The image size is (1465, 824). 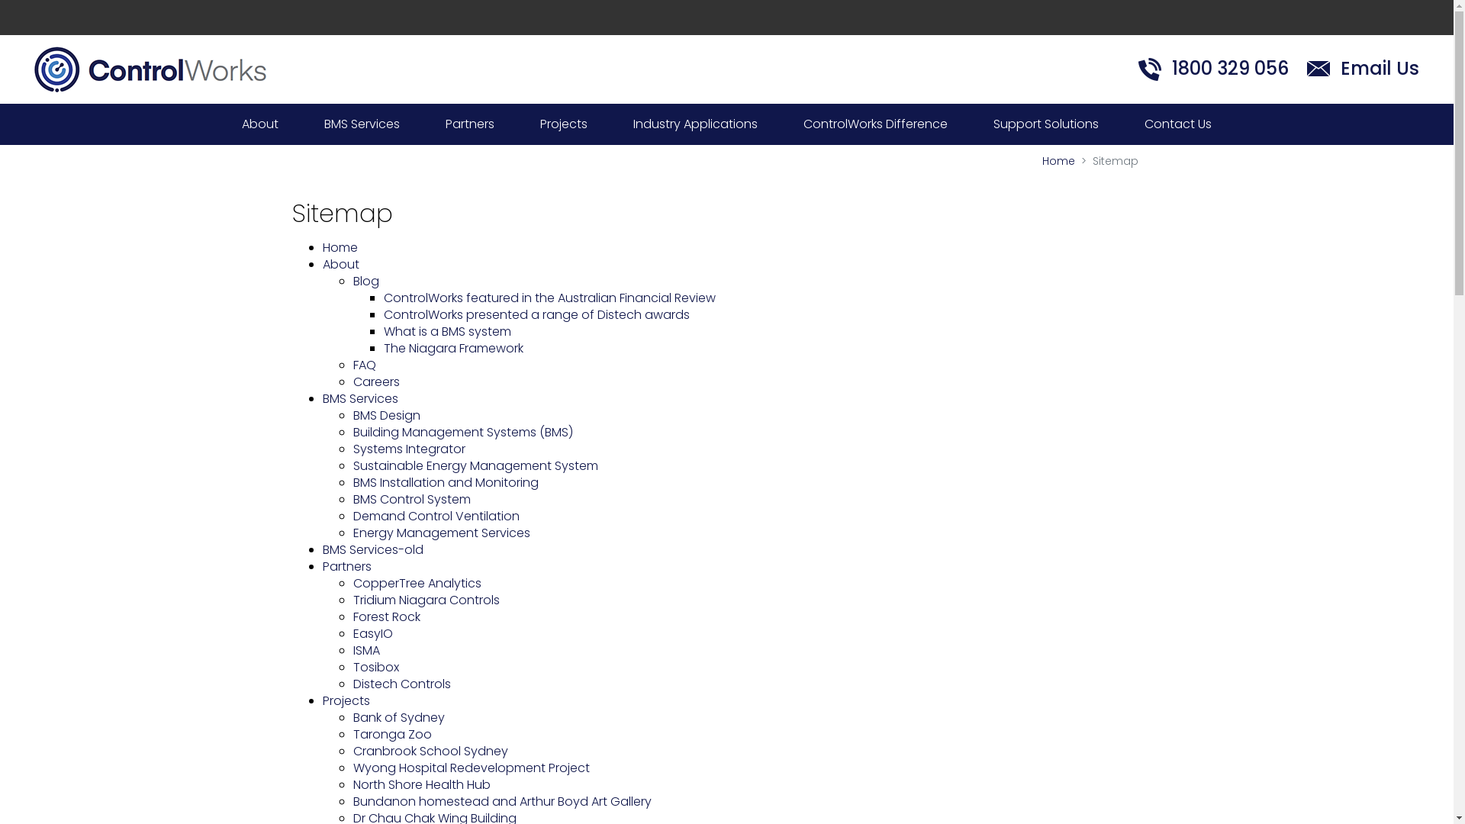 What do you see at coordinates (385, 616) in the screenshot?
I see `'Forest Rock'` at bounding box center [385, 616].